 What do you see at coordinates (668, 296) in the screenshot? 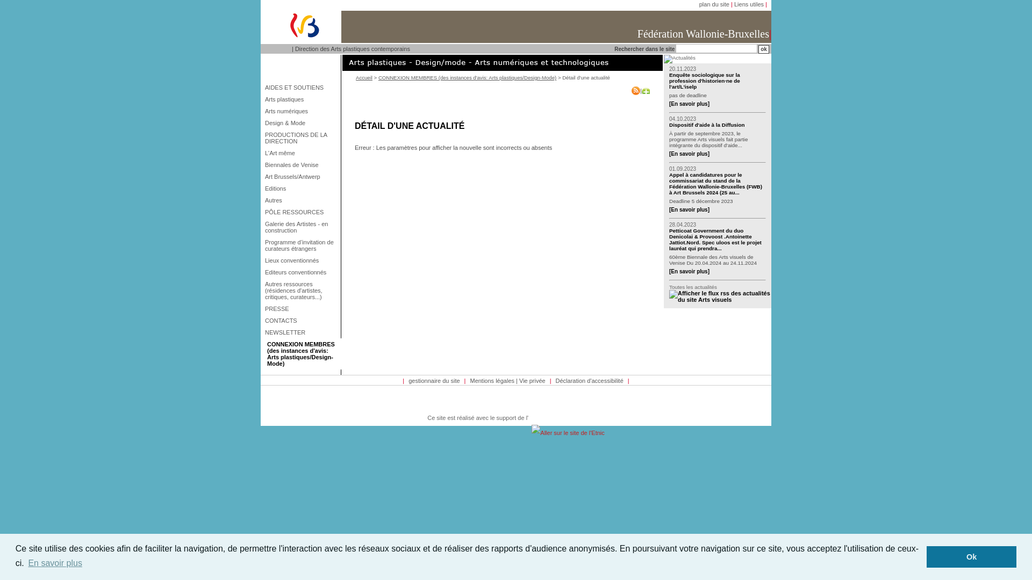
I see `'fils RSS'` at bounding box center [668, 296].